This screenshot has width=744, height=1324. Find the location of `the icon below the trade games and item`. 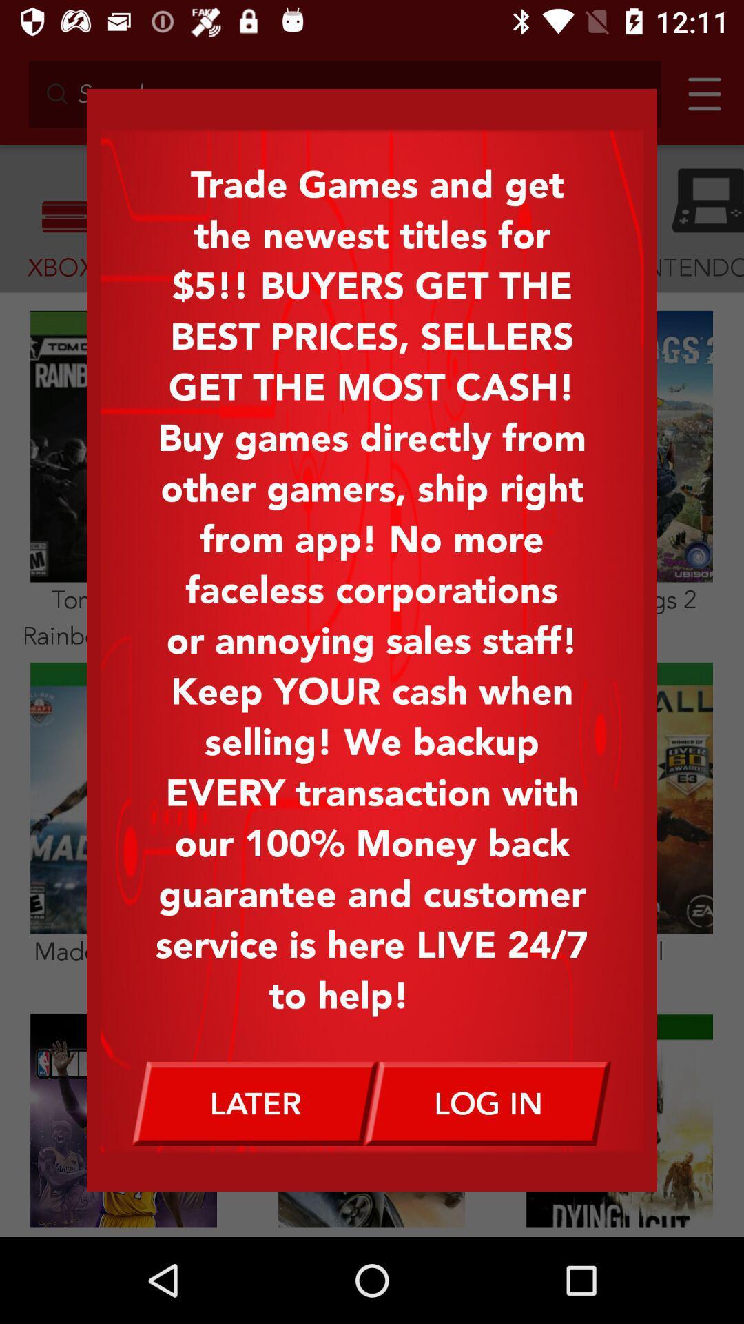

the icon below the trade games and item is located at coordinates (255, 1103).